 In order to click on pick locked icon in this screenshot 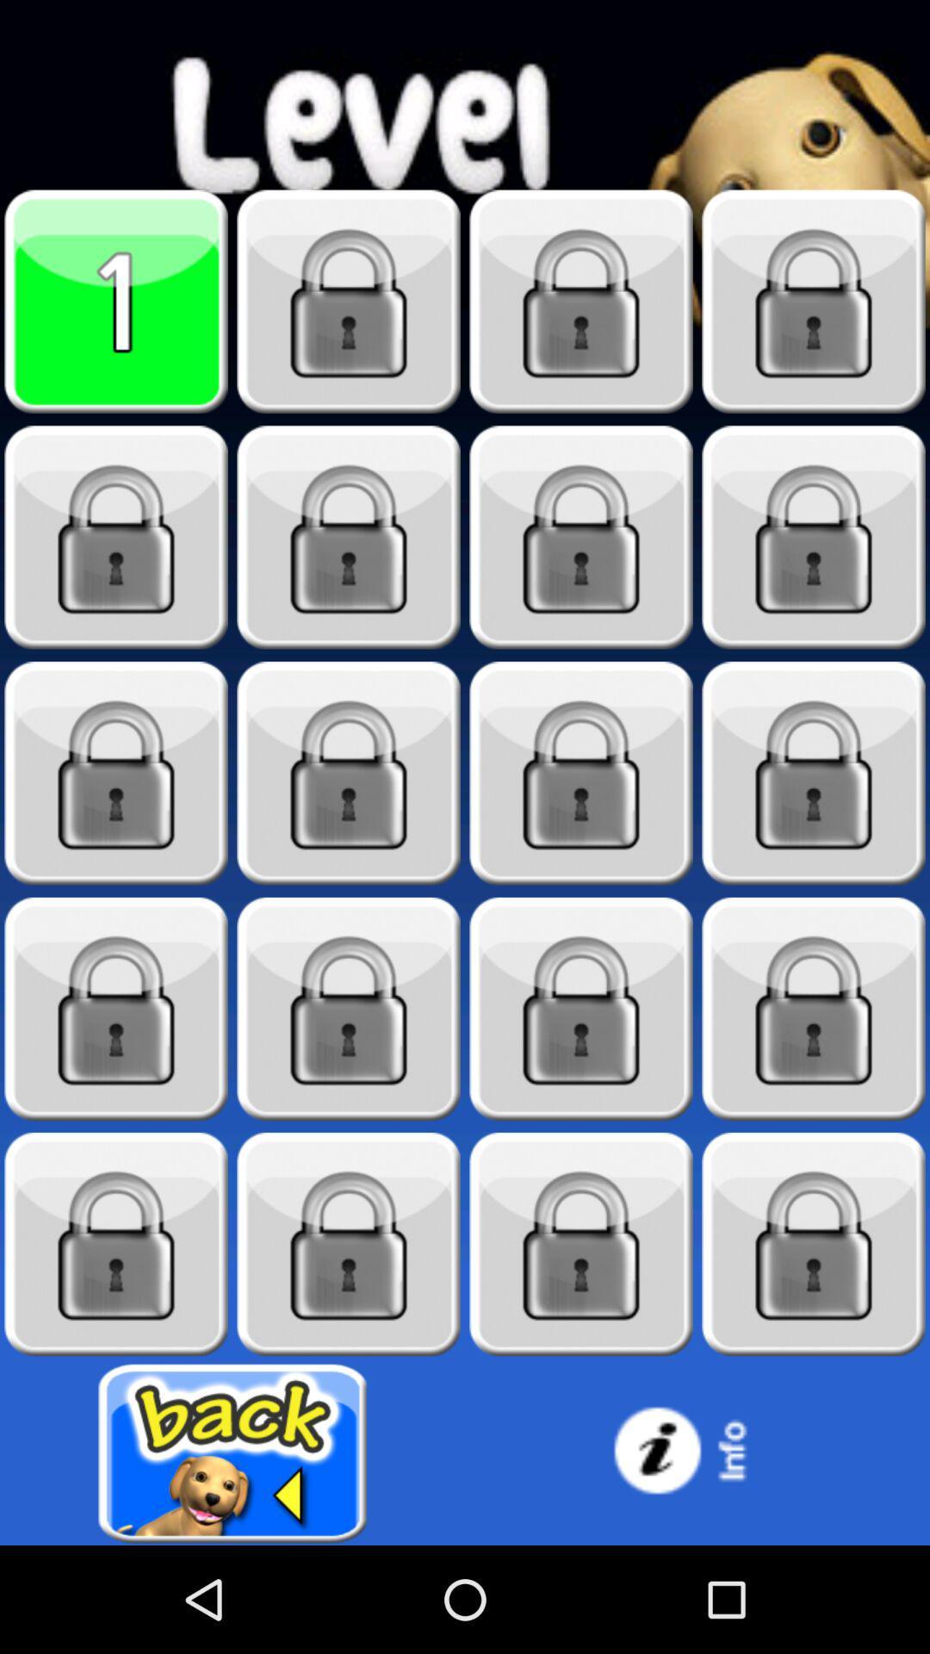, I will do `click(581, 1009)`.